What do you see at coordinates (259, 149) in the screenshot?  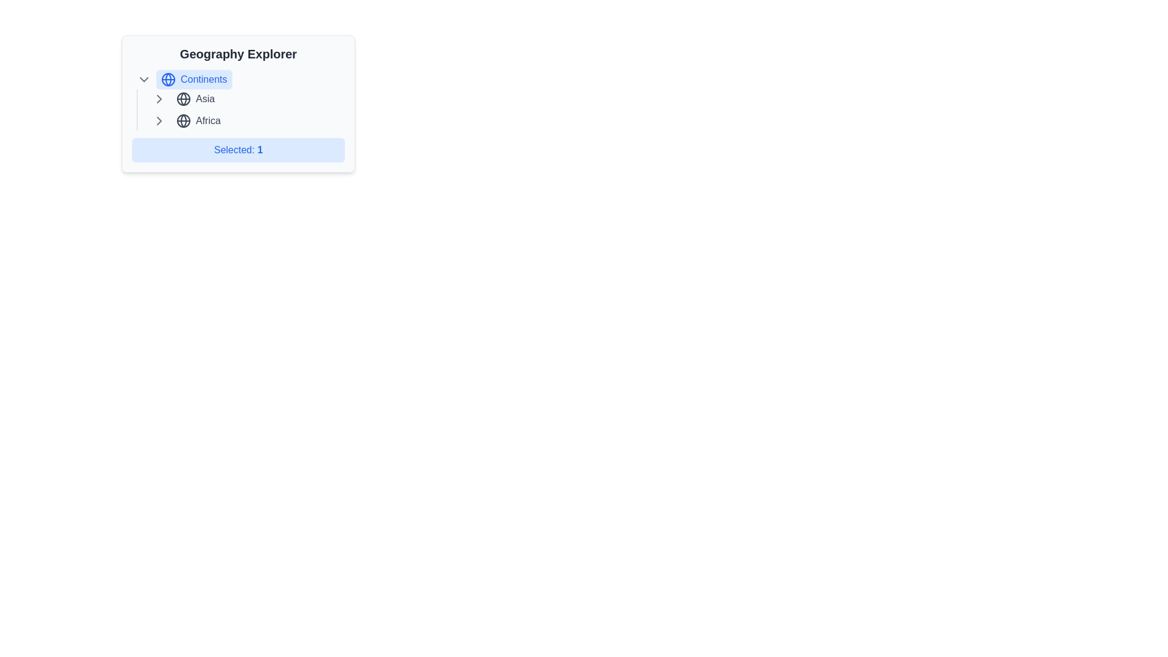 I see `the Text label displaying the number '1' in blue font, part of the label 'Selected: 1' in the 'Geography Explorer' widget` at bounding box center [259, 149].